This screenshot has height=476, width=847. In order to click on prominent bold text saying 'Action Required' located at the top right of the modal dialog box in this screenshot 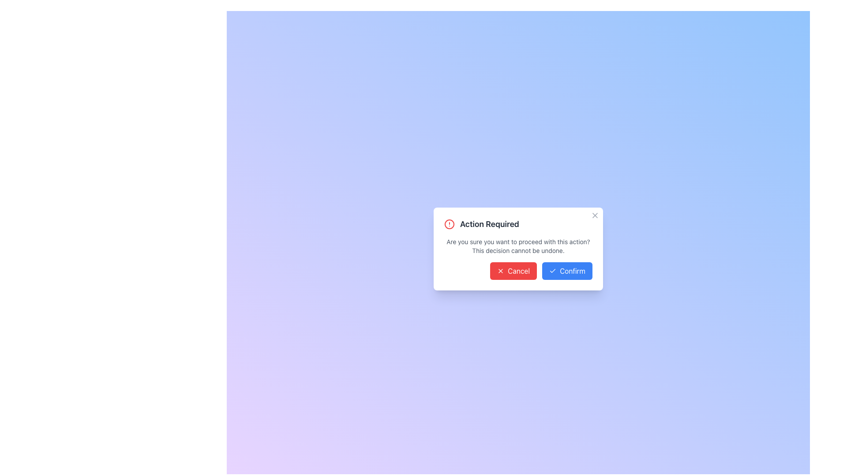, I will do `click(489, 224)`.